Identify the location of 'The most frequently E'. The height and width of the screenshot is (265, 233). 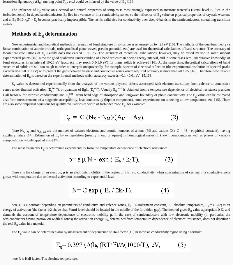
(27, 148).